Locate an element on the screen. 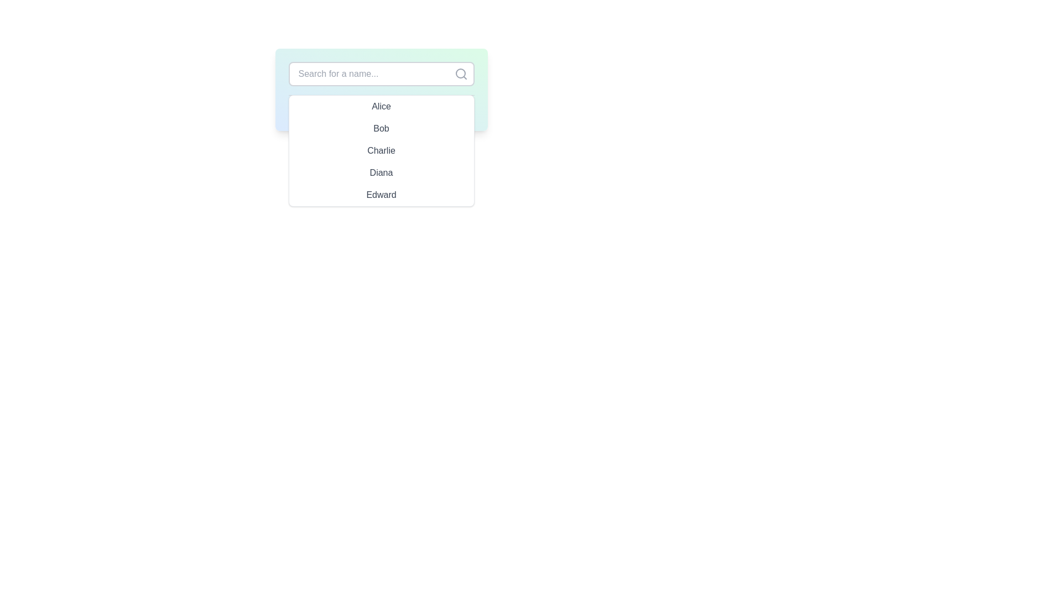  the selectable list item displaying the name 'Bob' in gray color is located at coordinates (381, 128).